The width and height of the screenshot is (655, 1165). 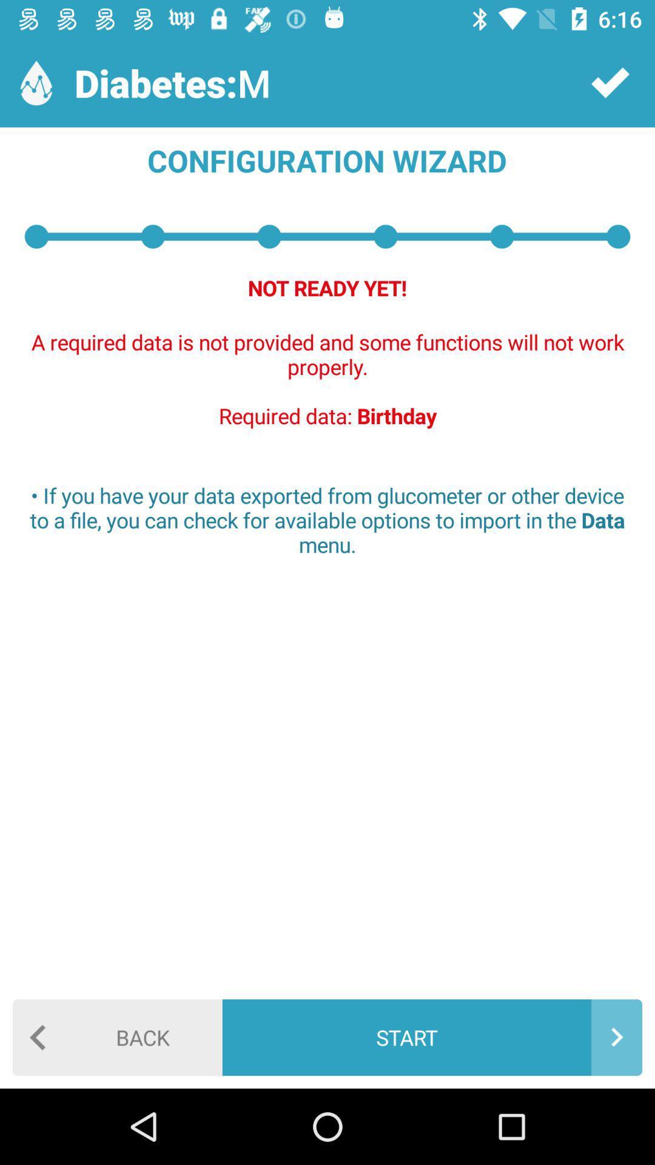 What do you see at coordinates (117, 1036) in the screenshot?
I see `the back` at bounding box center [117, 1036].